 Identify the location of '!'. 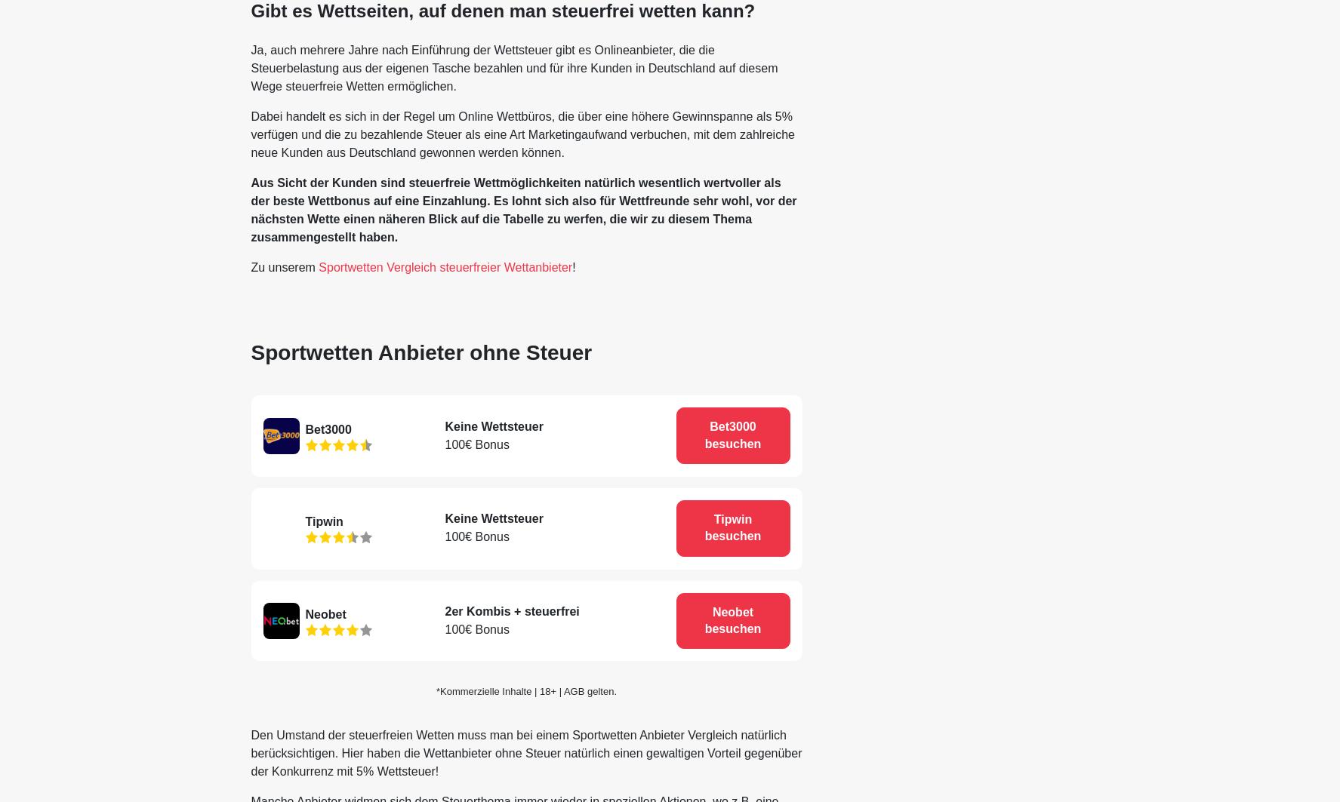
(571, 266).